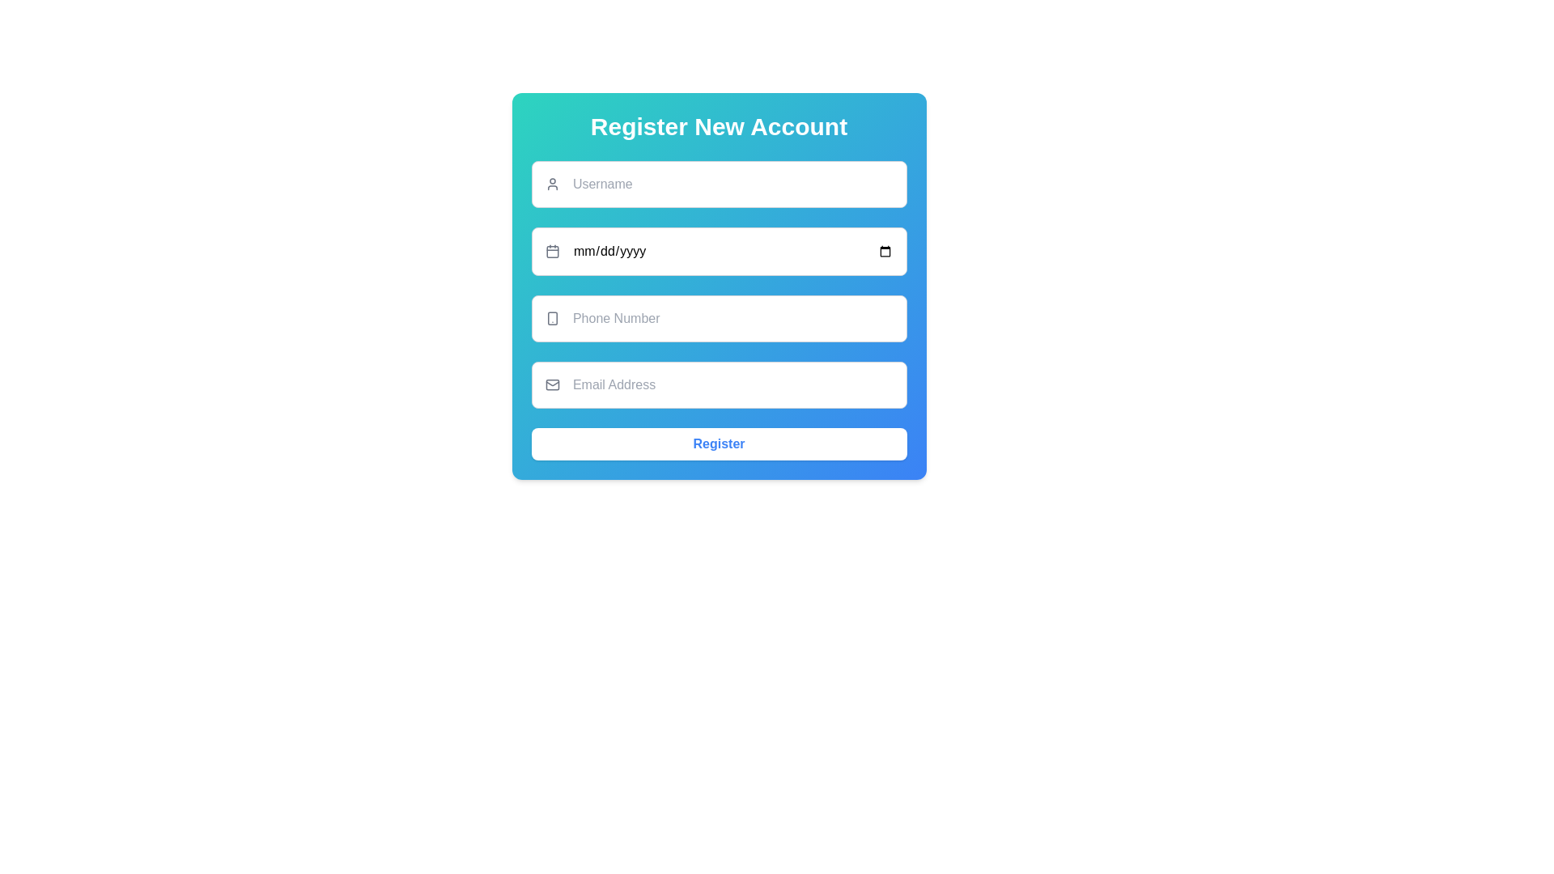 The height and width of the screenshot is (874, 1554). What do you see at coordinates (552, 384) in the screenshot?
I see `the email envelope icon located adjacent to the 'Email Address' text input field in the registration form` at bounding box center [552, 384].